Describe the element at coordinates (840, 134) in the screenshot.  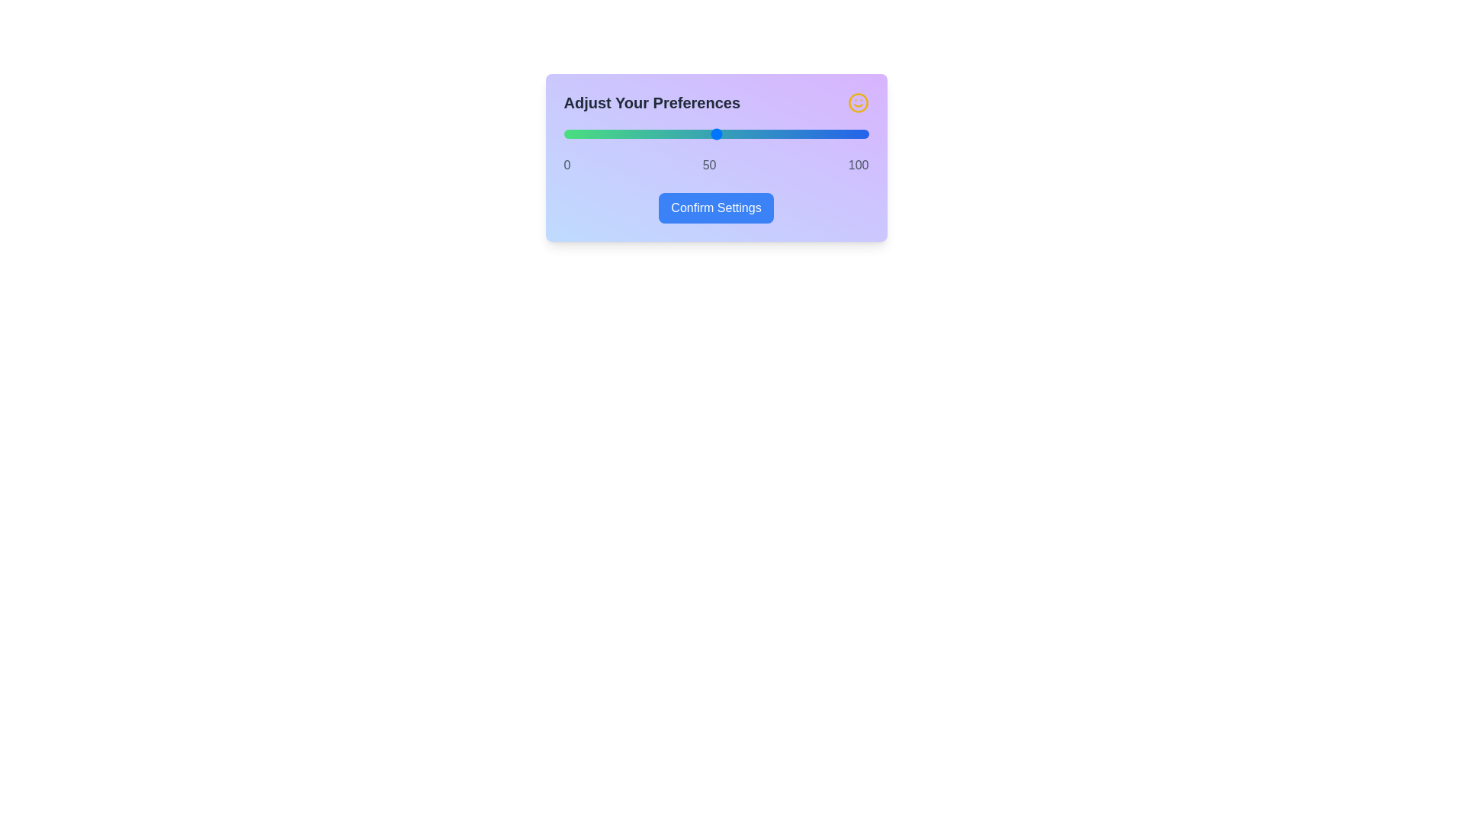
I see `the slider to set the value to 91` at that location.